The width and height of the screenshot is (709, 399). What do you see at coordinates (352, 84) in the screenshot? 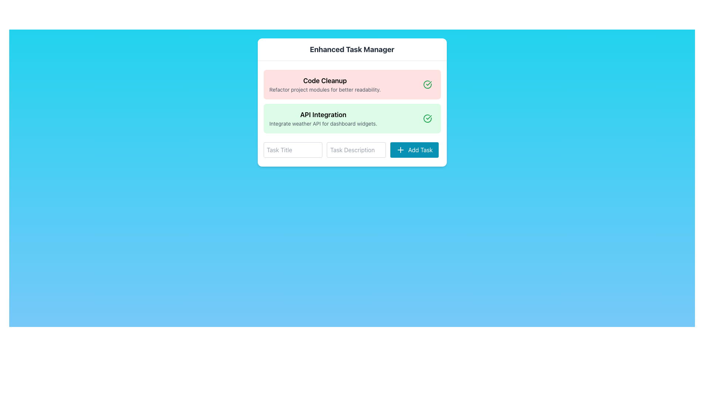
I see `the first task card in the task manager interface` at bounding box center [352, 84].